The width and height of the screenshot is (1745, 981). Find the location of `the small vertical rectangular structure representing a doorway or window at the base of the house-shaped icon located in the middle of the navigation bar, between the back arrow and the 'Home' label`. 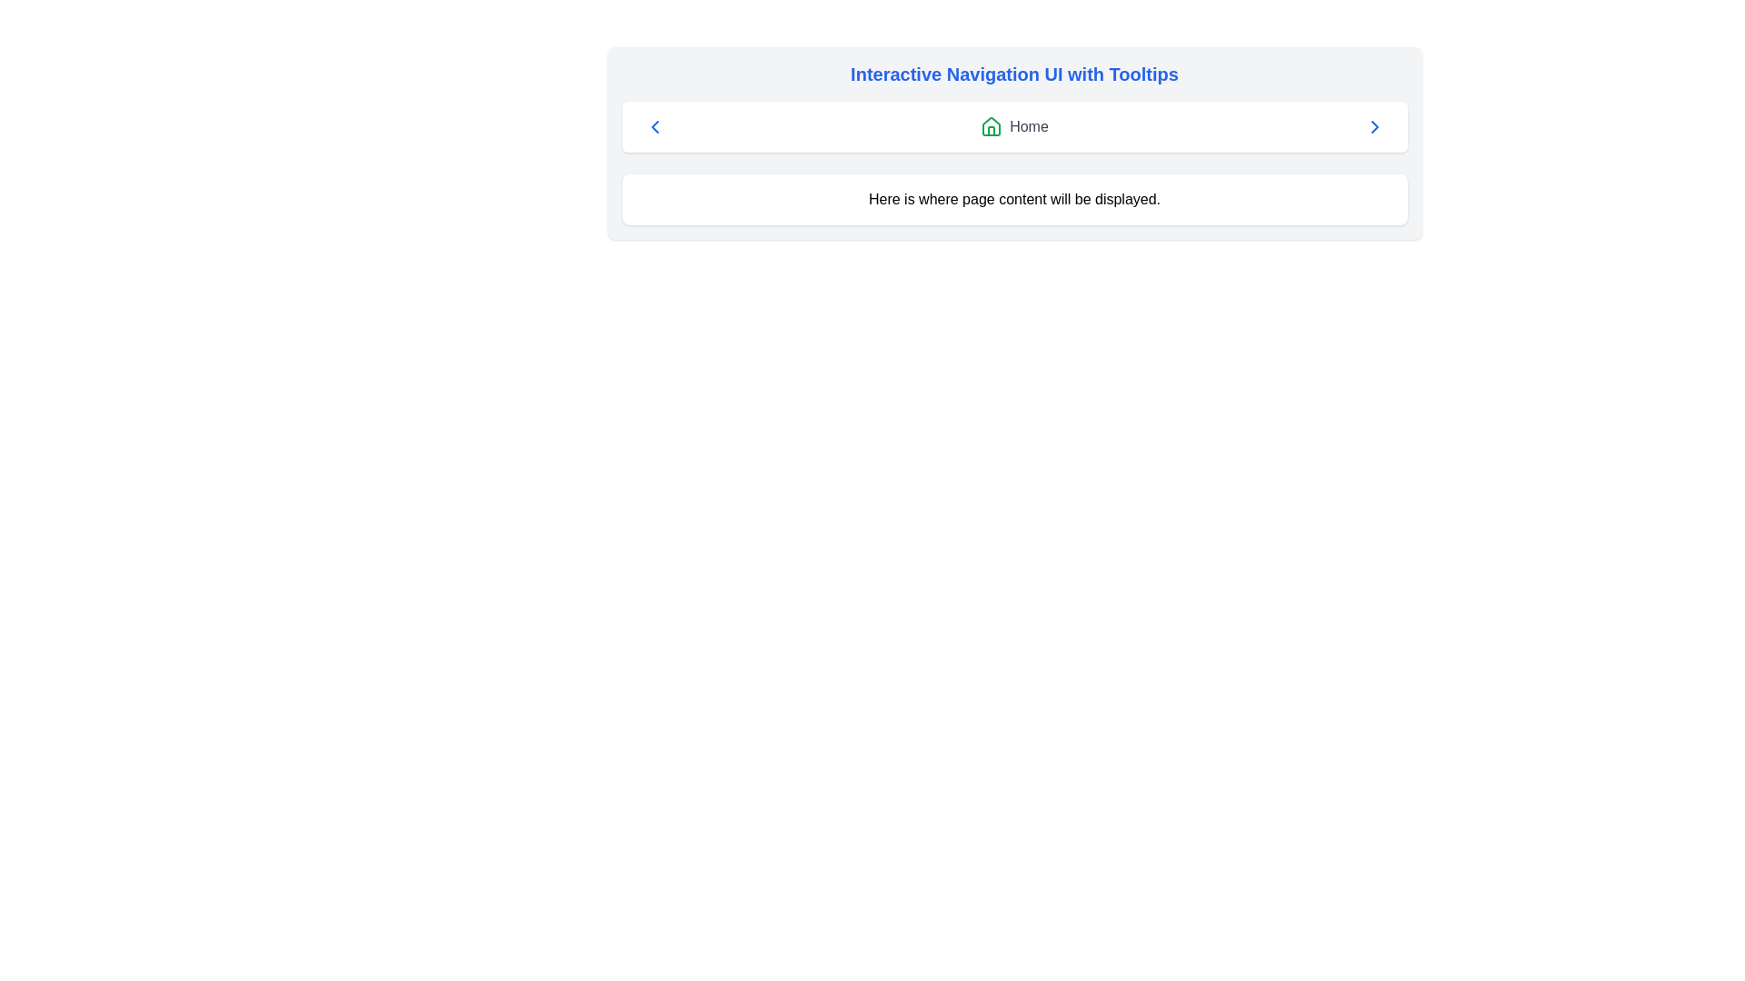

the small vertical rectangular structure representing a doorway or window at the base of the house-shaped icon located in the middle of the navigation bar, between the back arrow and the 'Home' label is located at coordinates (991, 130).